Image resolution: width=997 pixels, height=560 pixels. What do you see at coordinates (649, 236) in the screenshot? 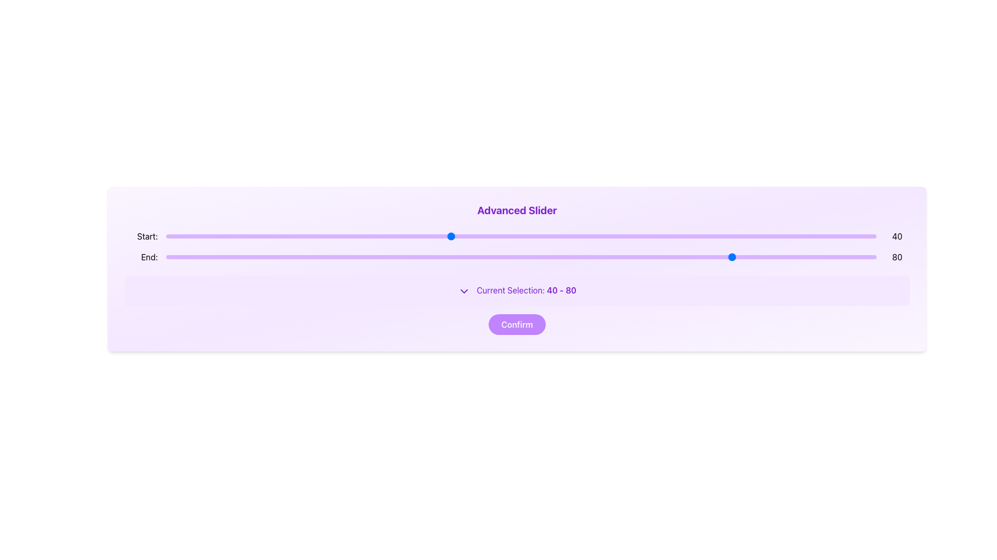
I see `the advanced slider` at bounding box center [649, 236].